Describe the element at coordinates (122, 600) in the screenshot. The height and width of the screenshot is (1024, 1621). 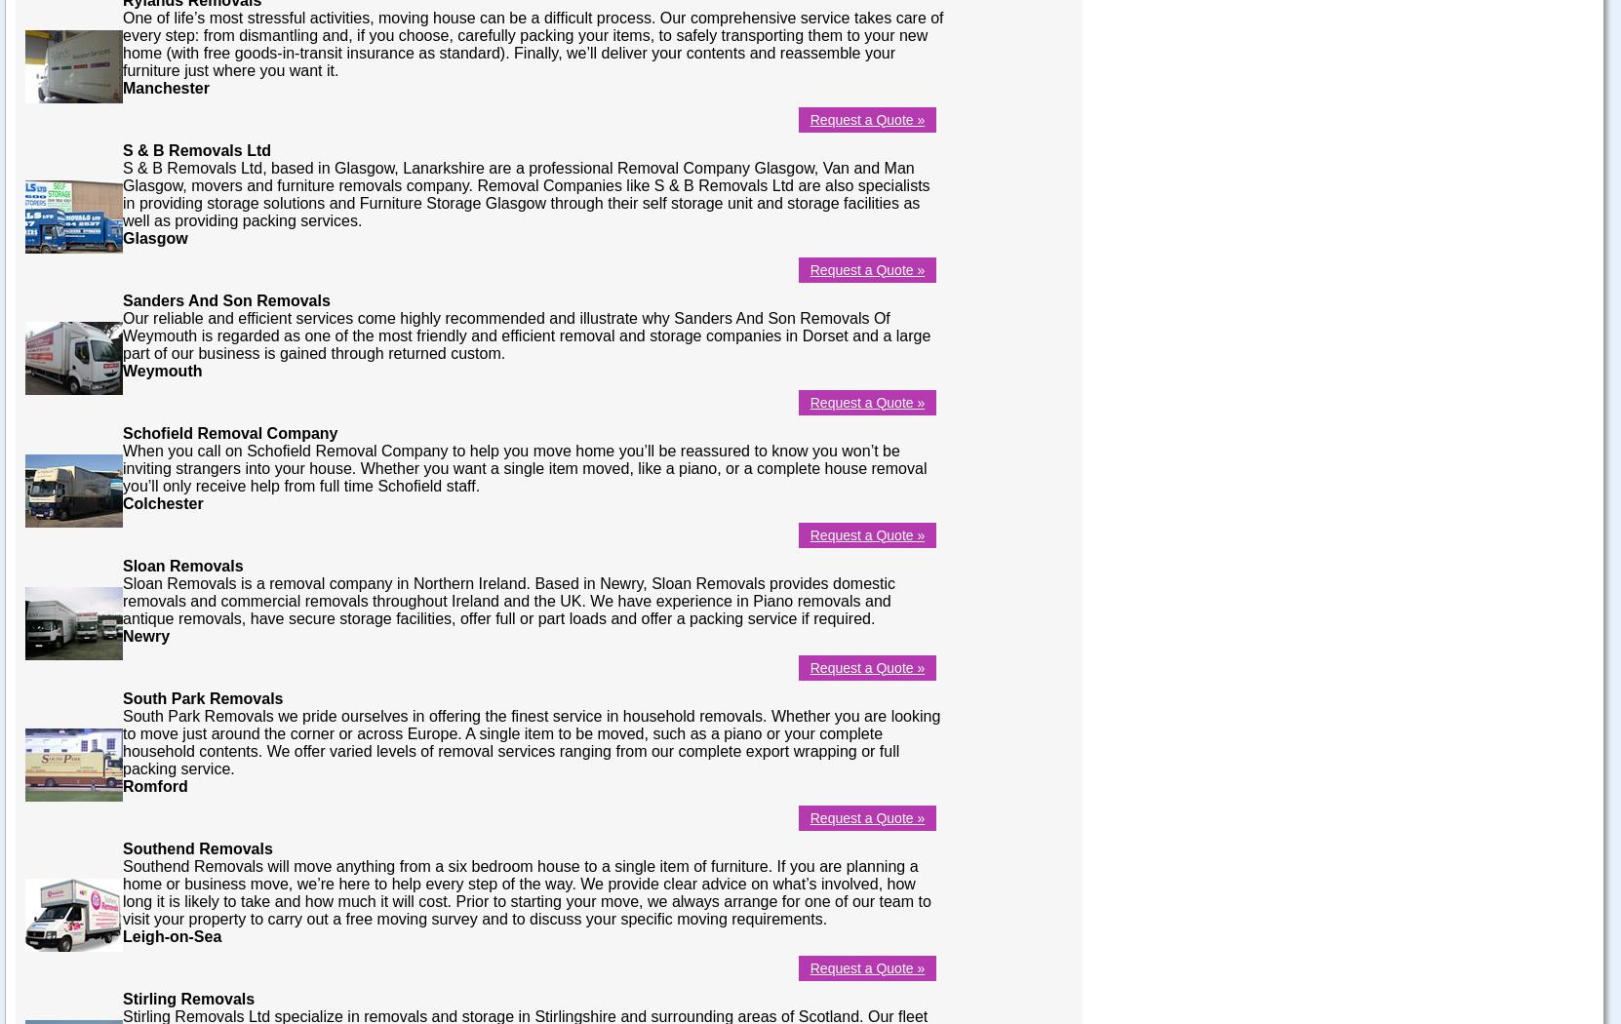
I see `'Sloan Removals is a removal company in Northern Ireland. Based in Newry, Sloan Removals provides domestic removals and commercial removals throughout Ireland and the UK.

We have experience in Piano removals and antique removals, have secure storage facilities, offer full or part loads and offer a packing service if required.'` at that location.